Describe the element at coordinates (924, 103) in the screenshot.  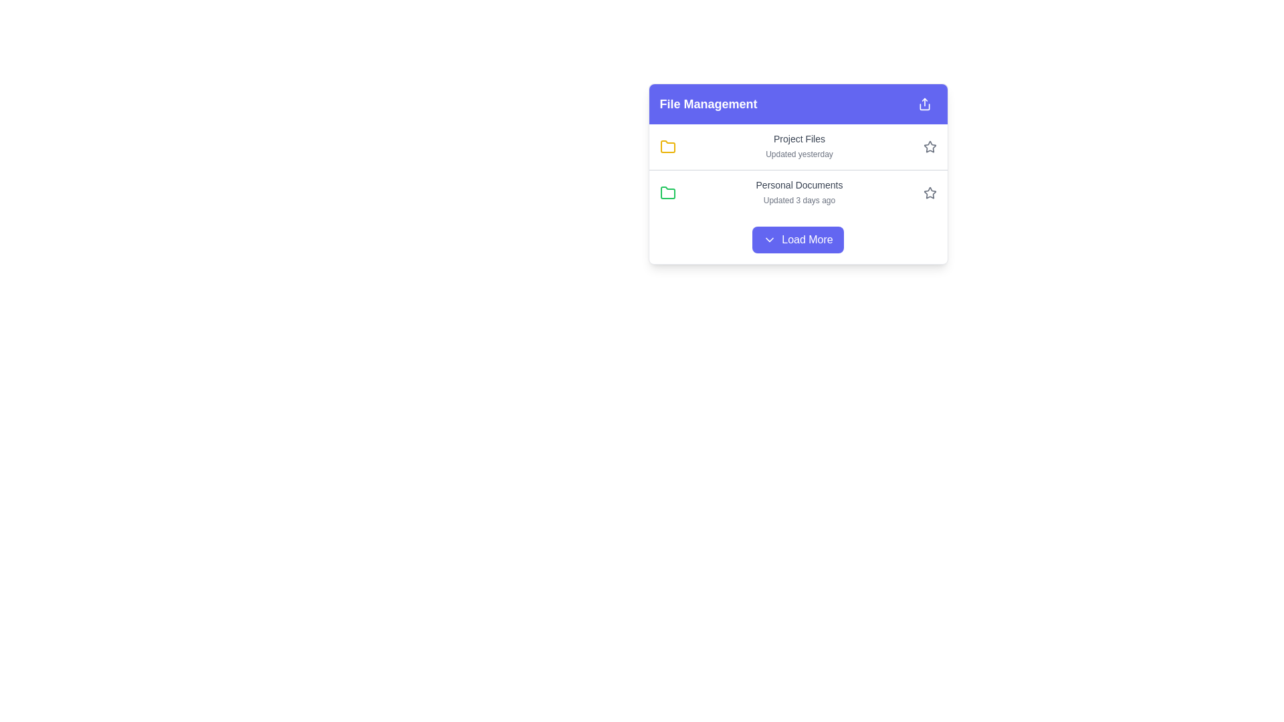
I see `the share icon located in the top-right corner of the File Management panel` at that location.